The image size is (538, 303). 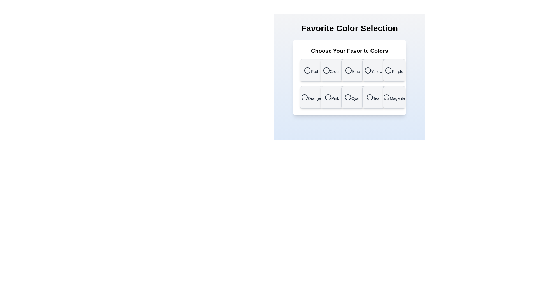 What do you see at coordinates (373, 97) in the screenshot?
I see `the color Teal` at bounding box center [373, 97].